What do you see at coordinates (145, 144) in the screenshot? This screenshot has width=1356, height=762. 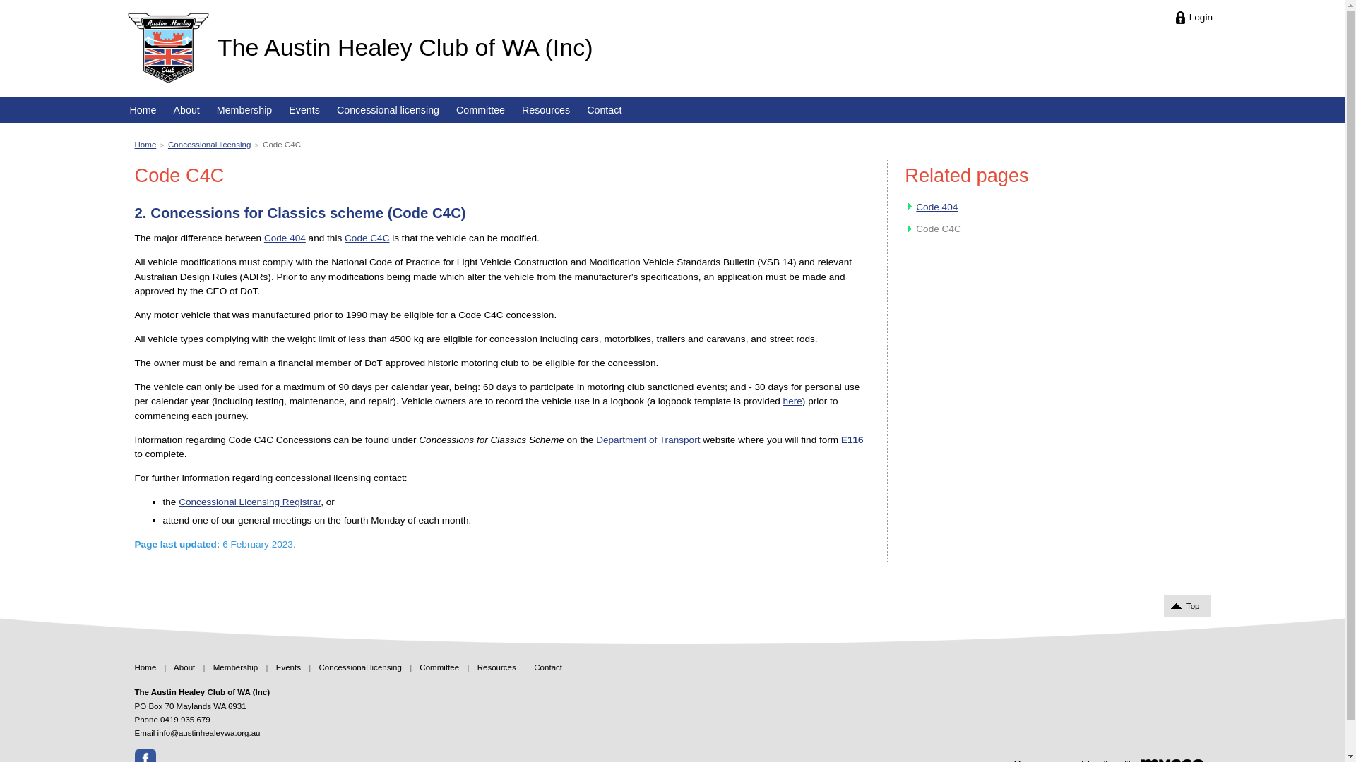 I see `'Home'` at bounding box center [145, 144].